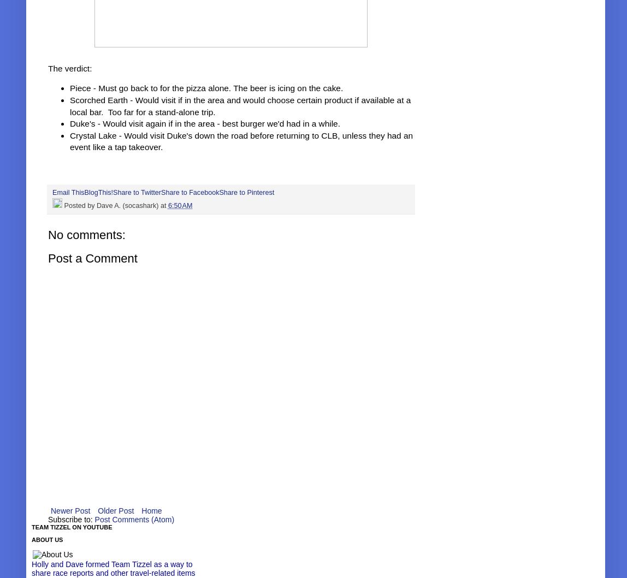 This screenshot has width=627, height=578. I want to click on 'Post a Comment', so click(92, 258).